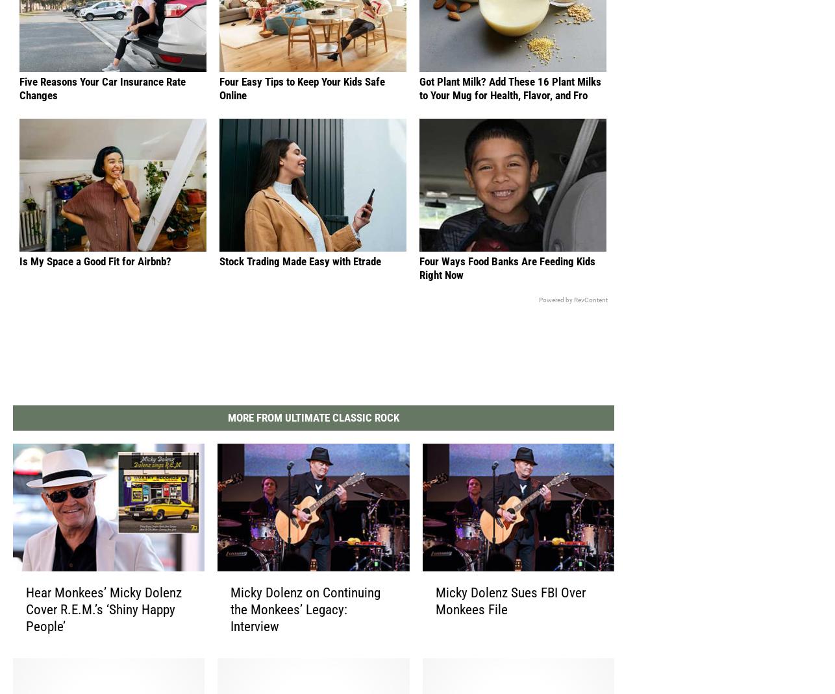 Image resolution: width=835 pixels, height=694 pixels. Describe the element at coordinates (507, 279) in the screenshot. I see `'Four Ways Food Banks Are Feeding Kids Right Now'` at that location.